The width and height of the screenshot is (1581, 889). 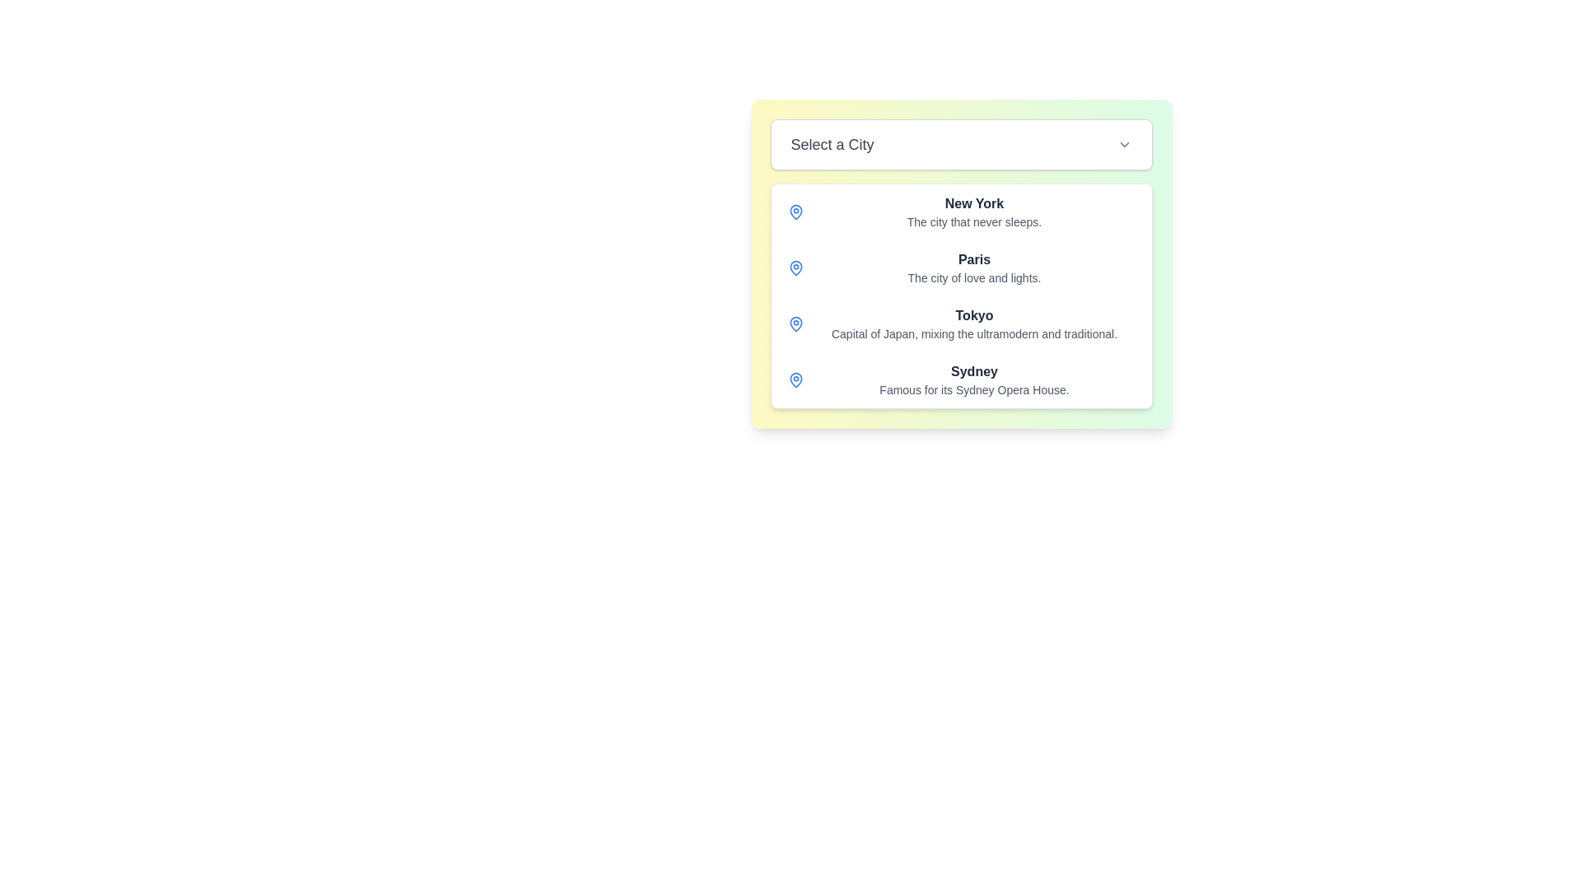 I want to click on the text display that reads 'Capital of Japan, mixing the ultramodern and traditional.' located beneath the bold title 'Tokyo' in the third list item of the dropdown menu labeled 'Select a City.', so click(x=974, y=333).